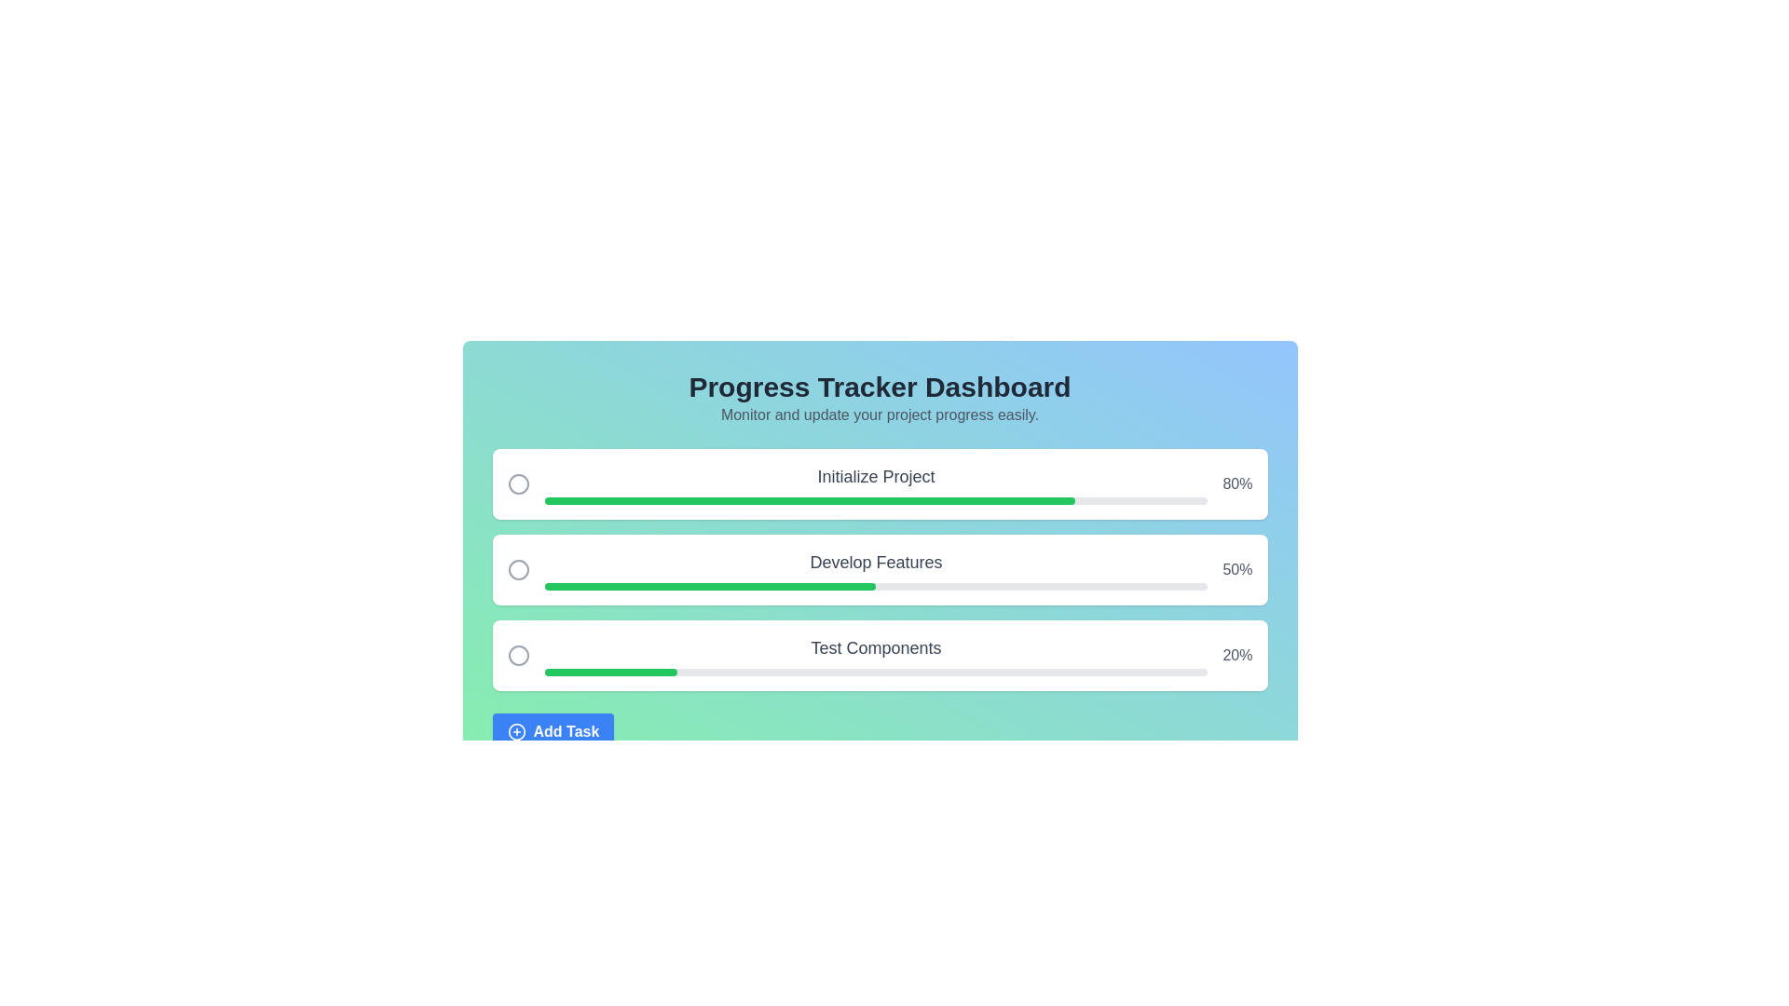 The height and width of the screenshot is (1006, 1789). I want to click on the circular icon with a gray border and white center, located in the 'Test Components' row, to the left of the text label and aligned with the progress bar, so click(518, 655).